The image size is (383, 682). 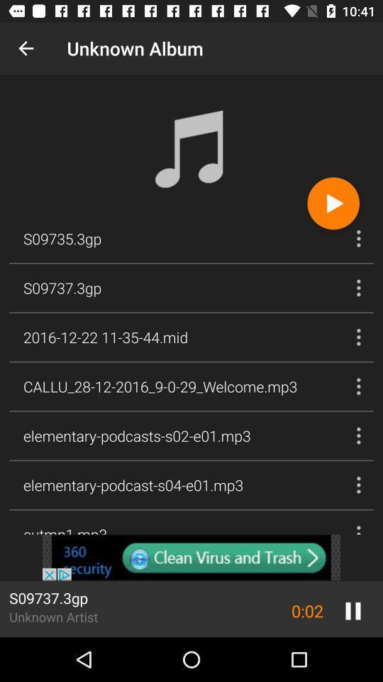 I want to click on the pause icon, so click(x=352, y=610).